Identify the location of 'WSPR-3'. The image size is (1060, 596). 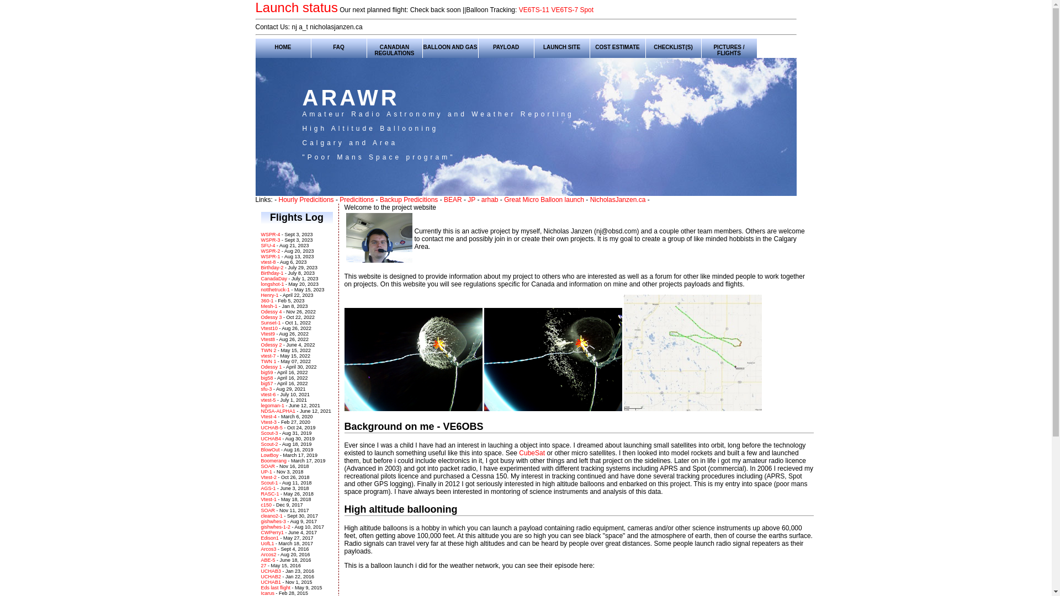
(270, 240).